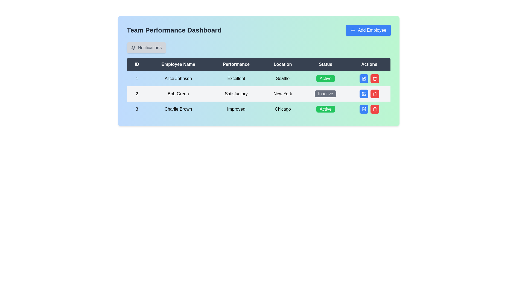 The image size is (525, 295). I want to click on the bell-shaped notification icon located within the 'Notifications' button area at the top-left section of the dashboard interface, so click(133, 47).